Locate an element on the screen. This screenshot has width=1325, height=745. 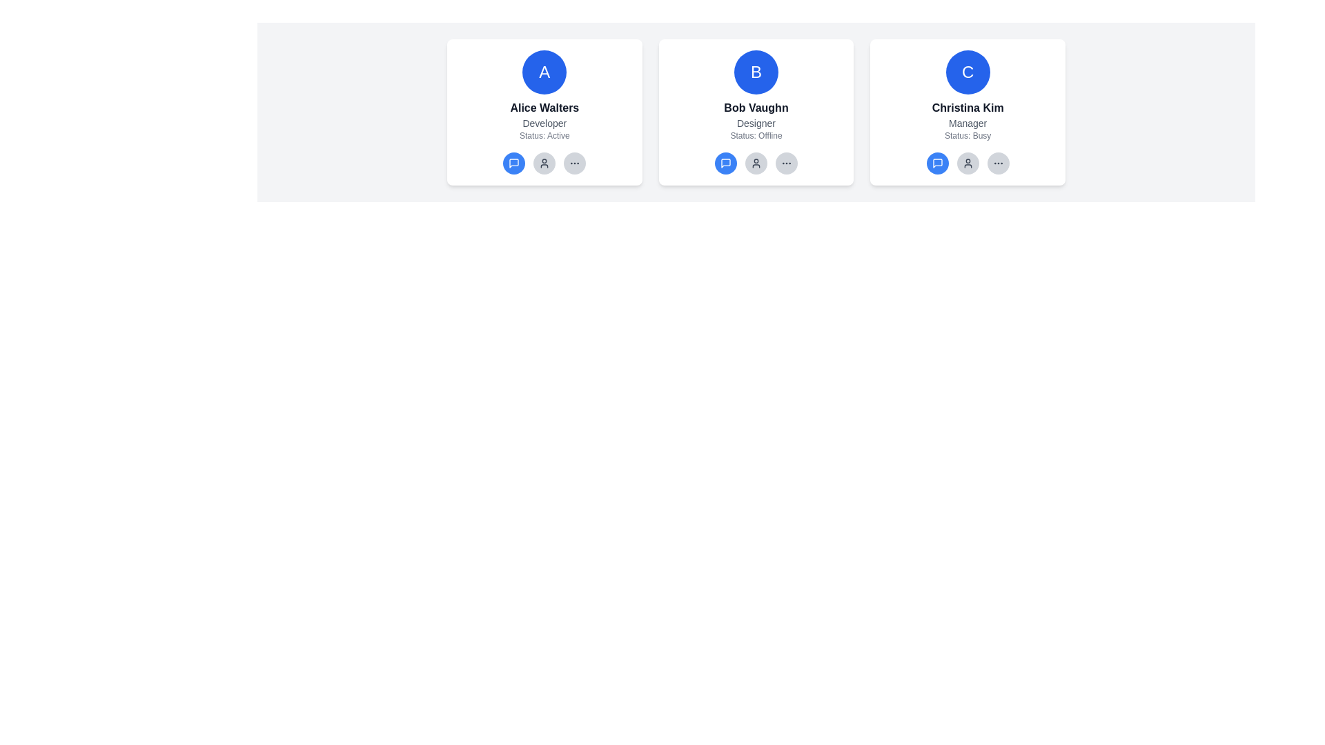
the circular profile avatar indicator for 'Bob Vaughn', which features a blue background and a white letter 'B' at the center is located at coordinates (755, 72).